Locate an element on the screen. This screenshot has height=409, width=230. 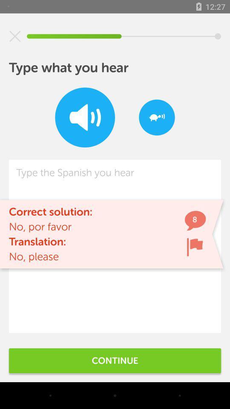
flag the entry report the entry is located at coordinates (195, 247).